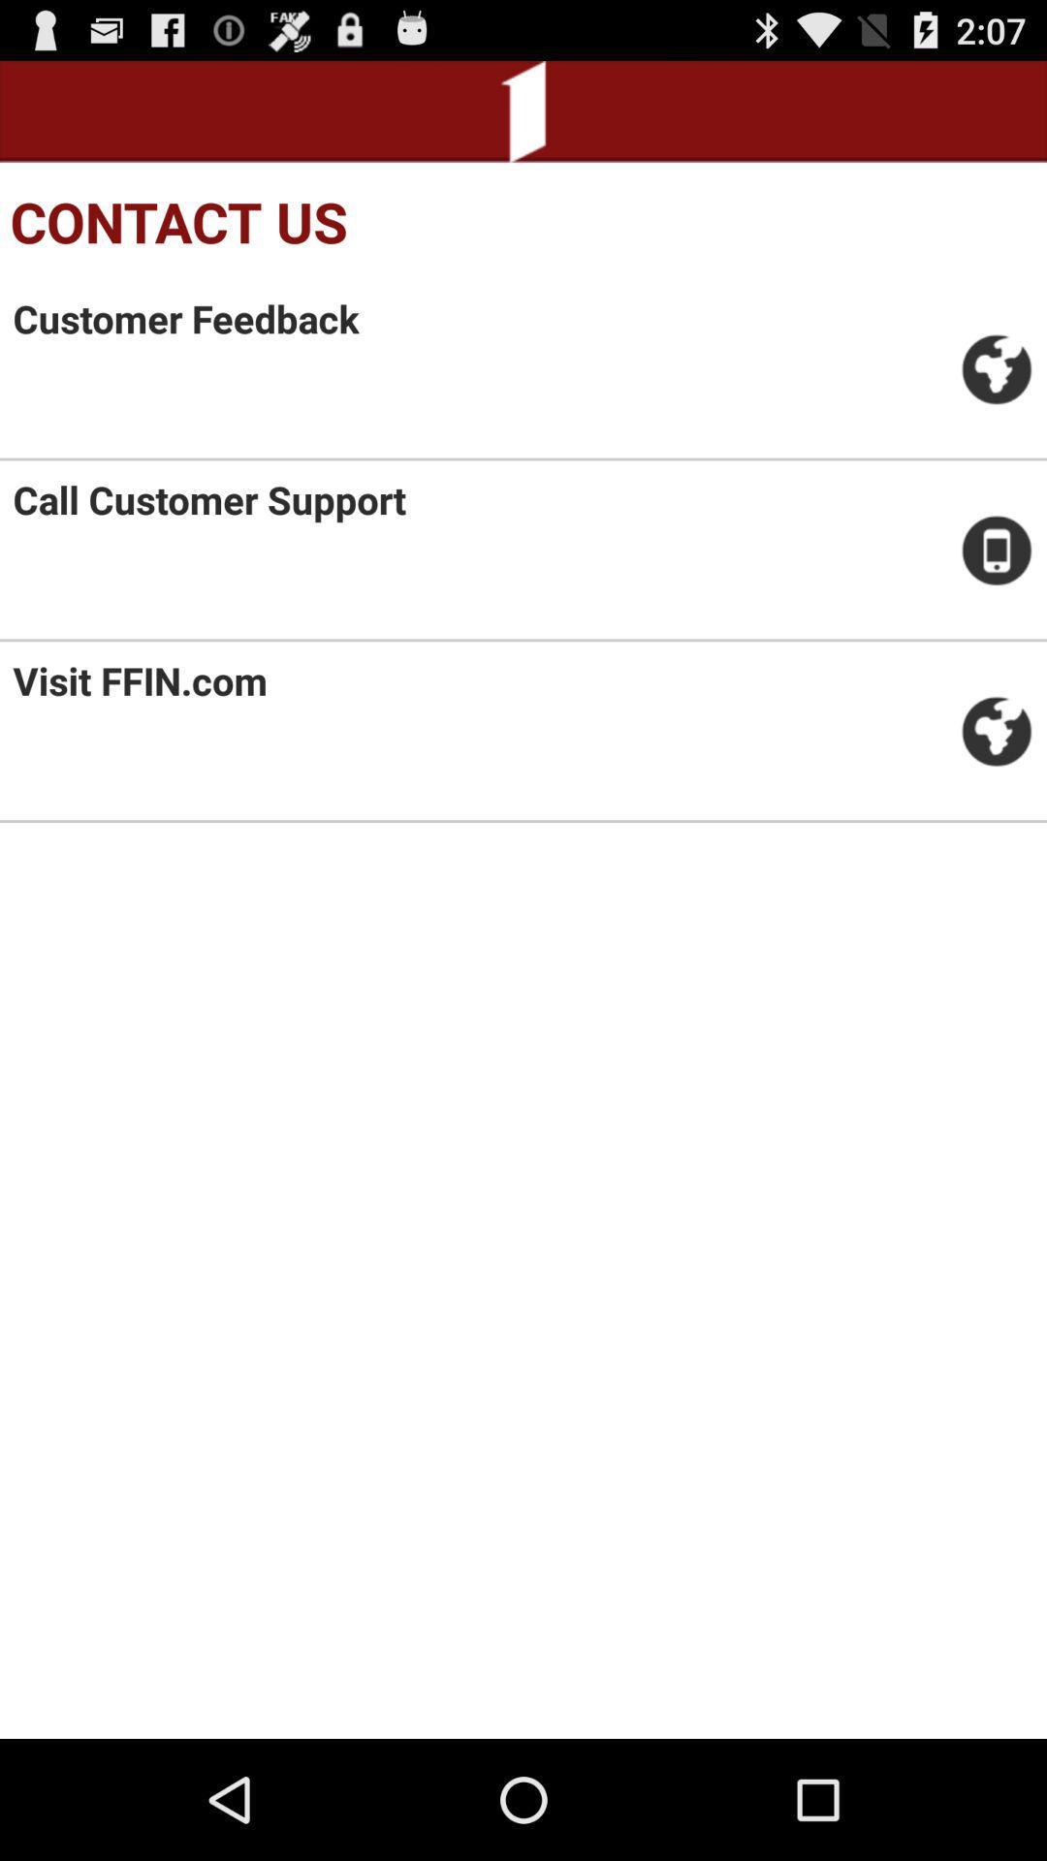  Describe the element at coordinates (139, 680) in the screenshot. I see `the visit ffin.com app` at that location.